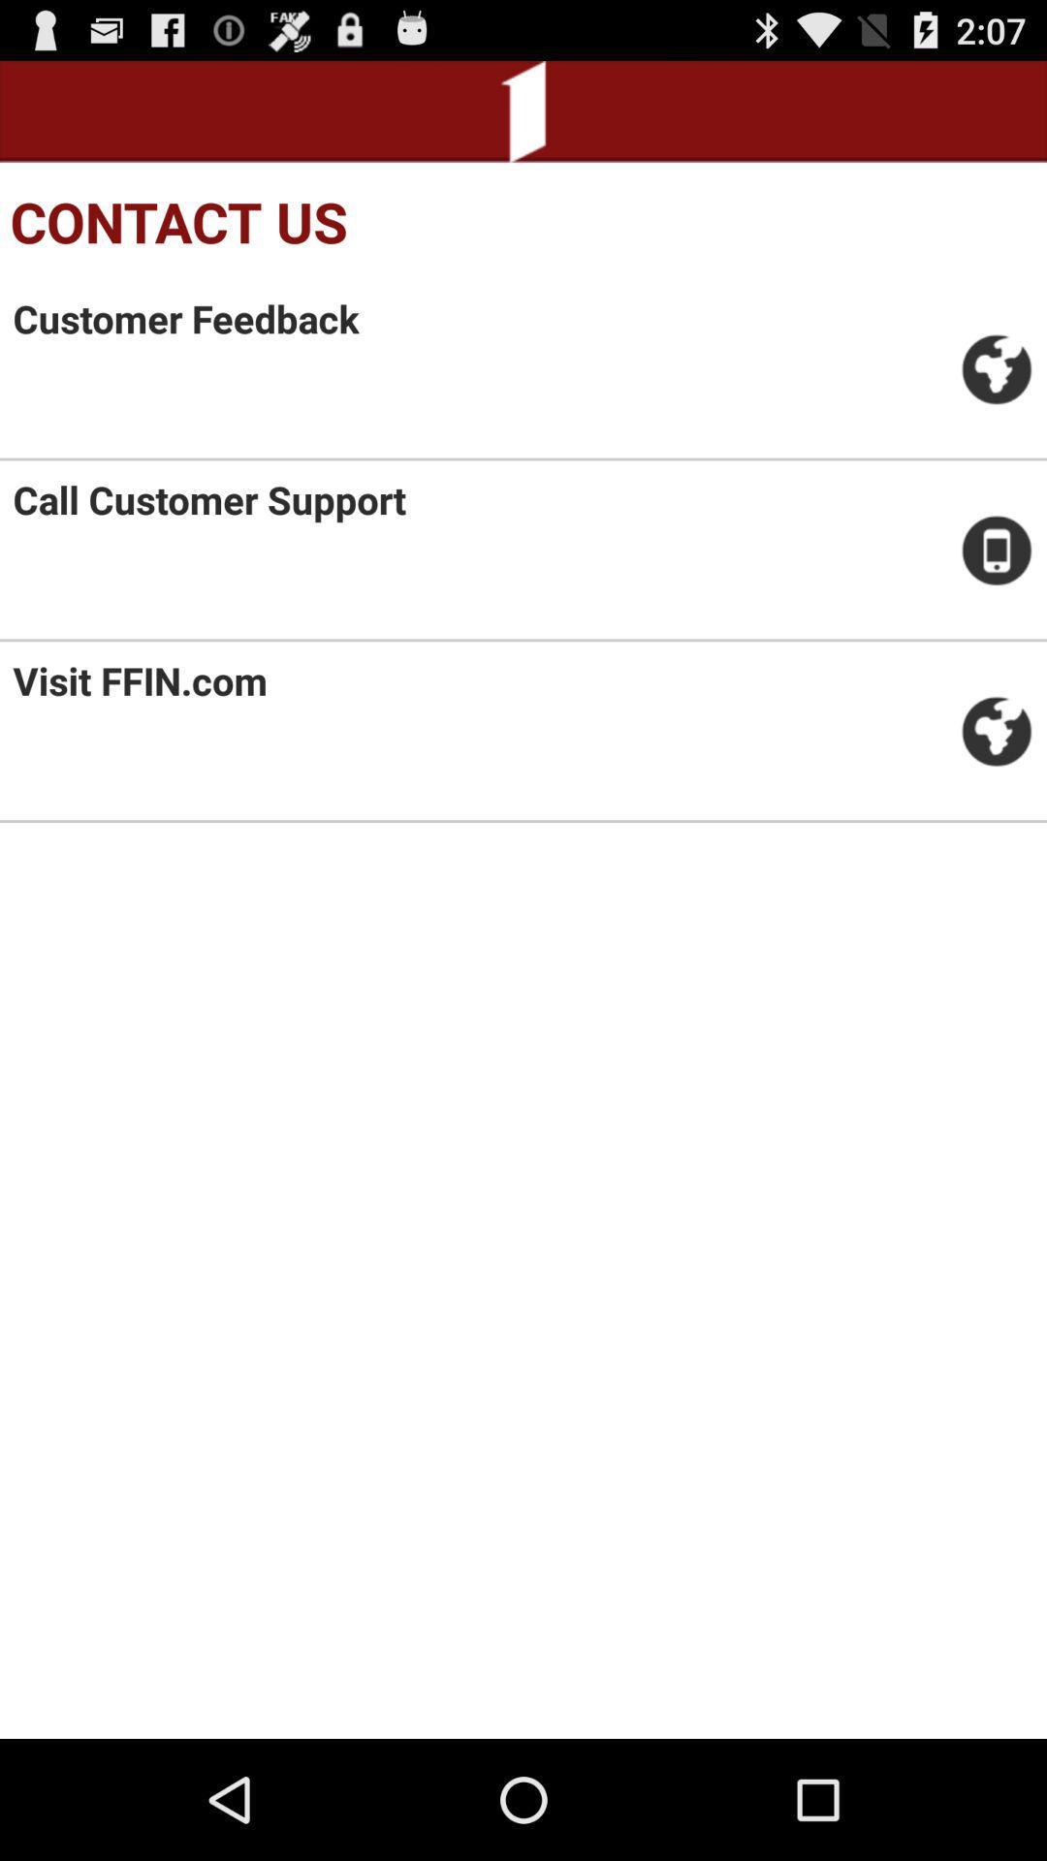  Describe the element at coordinates (139, 680) in the screenshot. I see `the visit ffin.com app` at that location.